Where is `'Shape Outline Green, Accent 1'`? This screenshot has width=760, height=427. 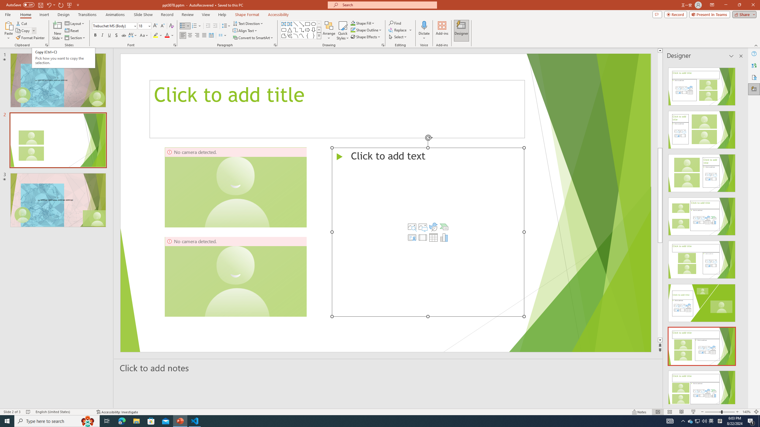
'Shape Outline Green, Accent 1' is located at coordinates (353, 29).